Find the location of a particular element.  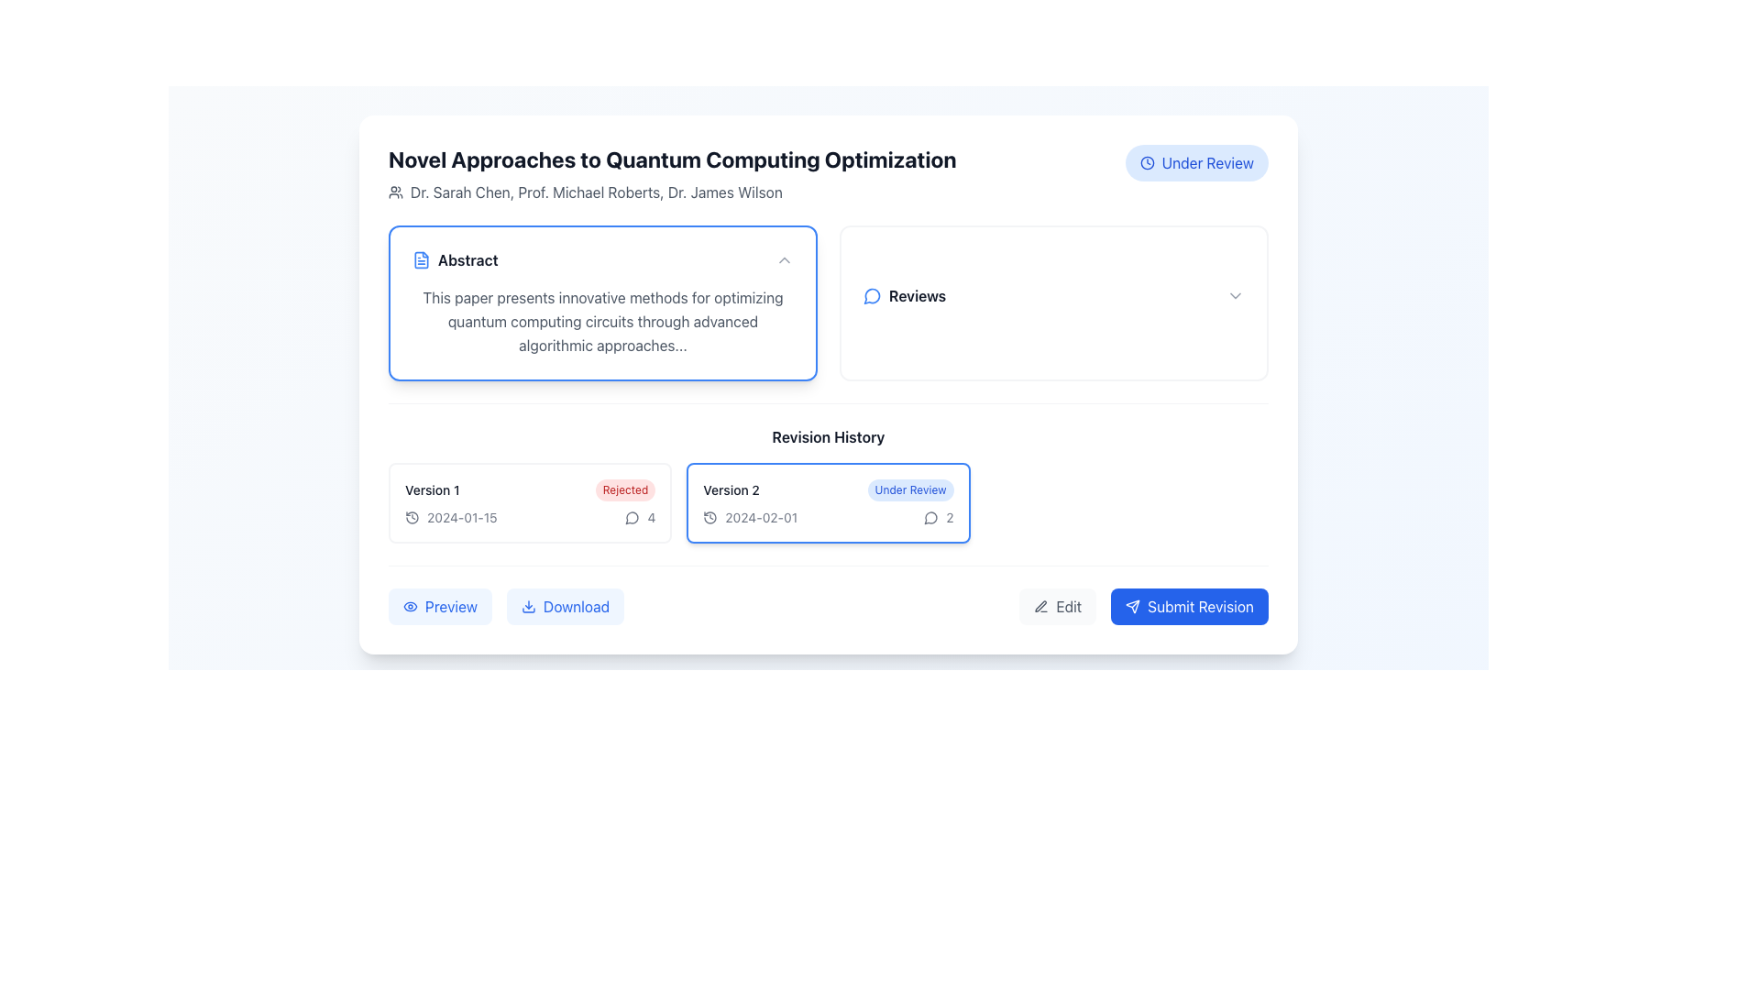

the pen icon located in the 'Edit' button, which is positioned directly to the left of the 'Edit' text is located at coordinates (1041, 607).